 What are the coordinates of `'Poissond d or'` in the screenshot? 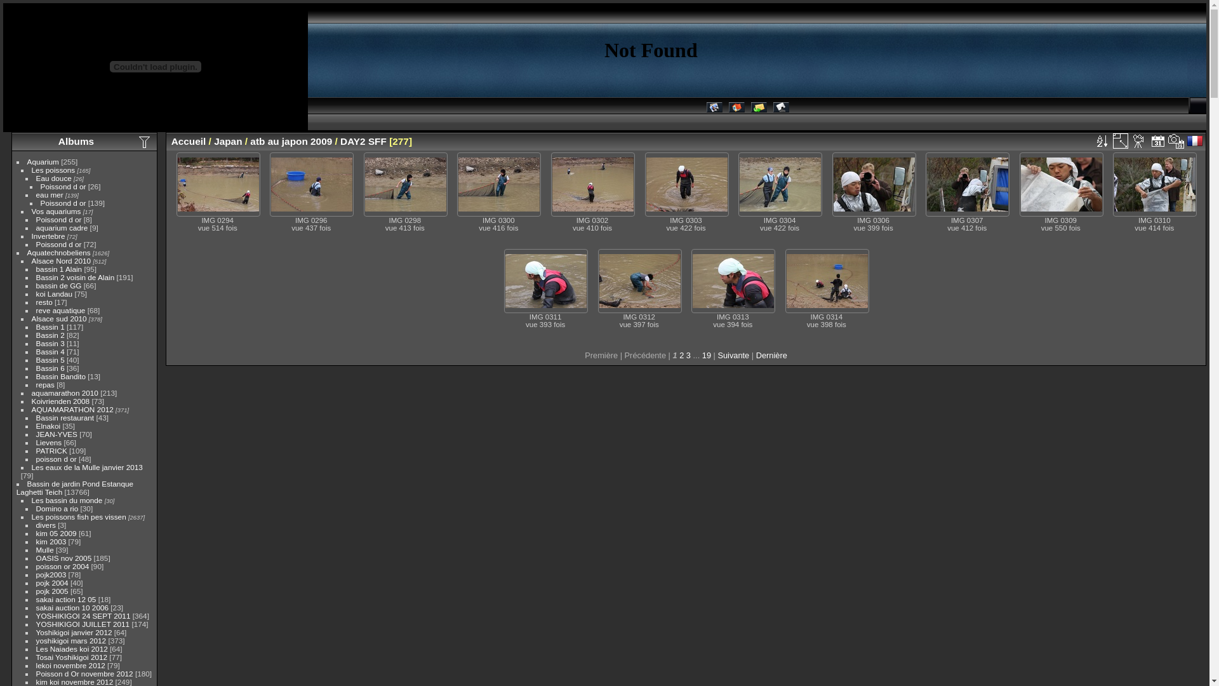 It's located at (40, 186).